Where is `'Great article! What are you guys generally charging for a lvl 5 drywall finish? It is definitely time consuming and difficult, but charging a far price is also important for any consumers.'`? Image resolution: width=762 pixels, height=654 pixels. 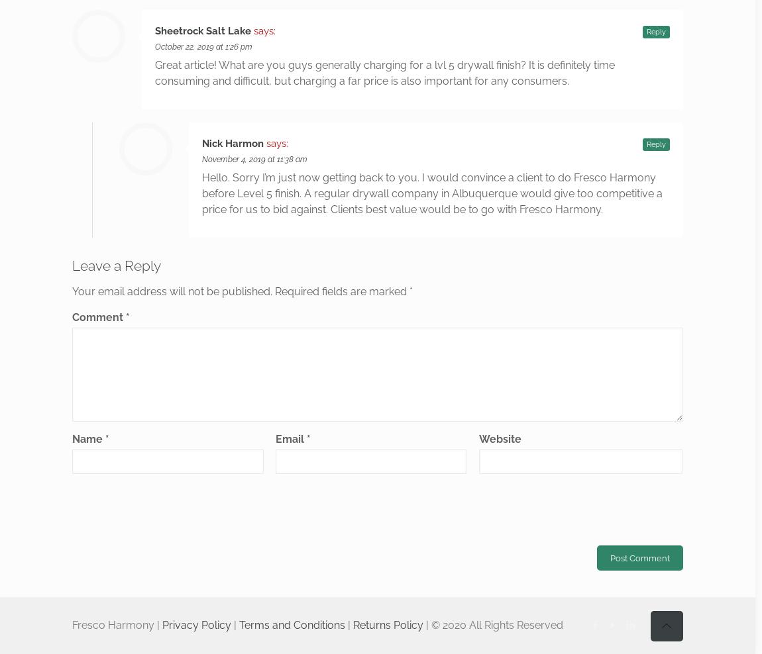 'Great article! What are you guys generally charging for a lvl 5 drywall finish? It is definitely time consuming and difficult, but charging a far price is also important for any consumers.' is located at coordinates (154, 73).